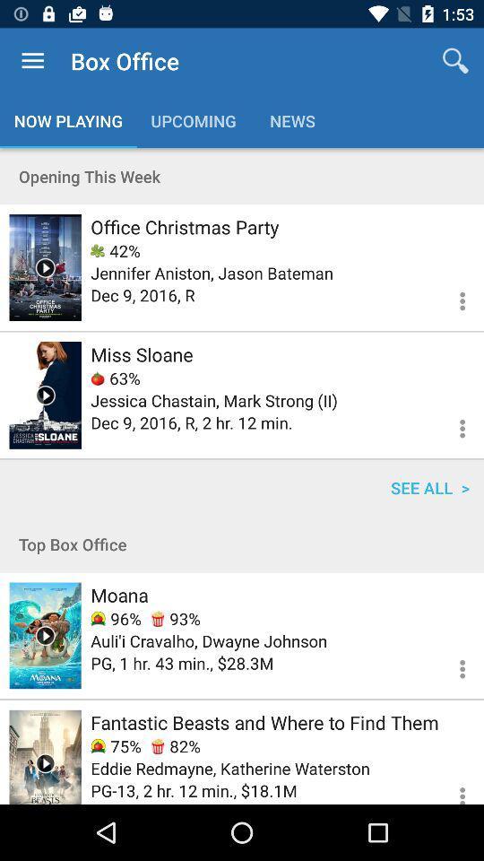 This screenshot has width=484, height=861. I want to click on movie, so click(45, 635).